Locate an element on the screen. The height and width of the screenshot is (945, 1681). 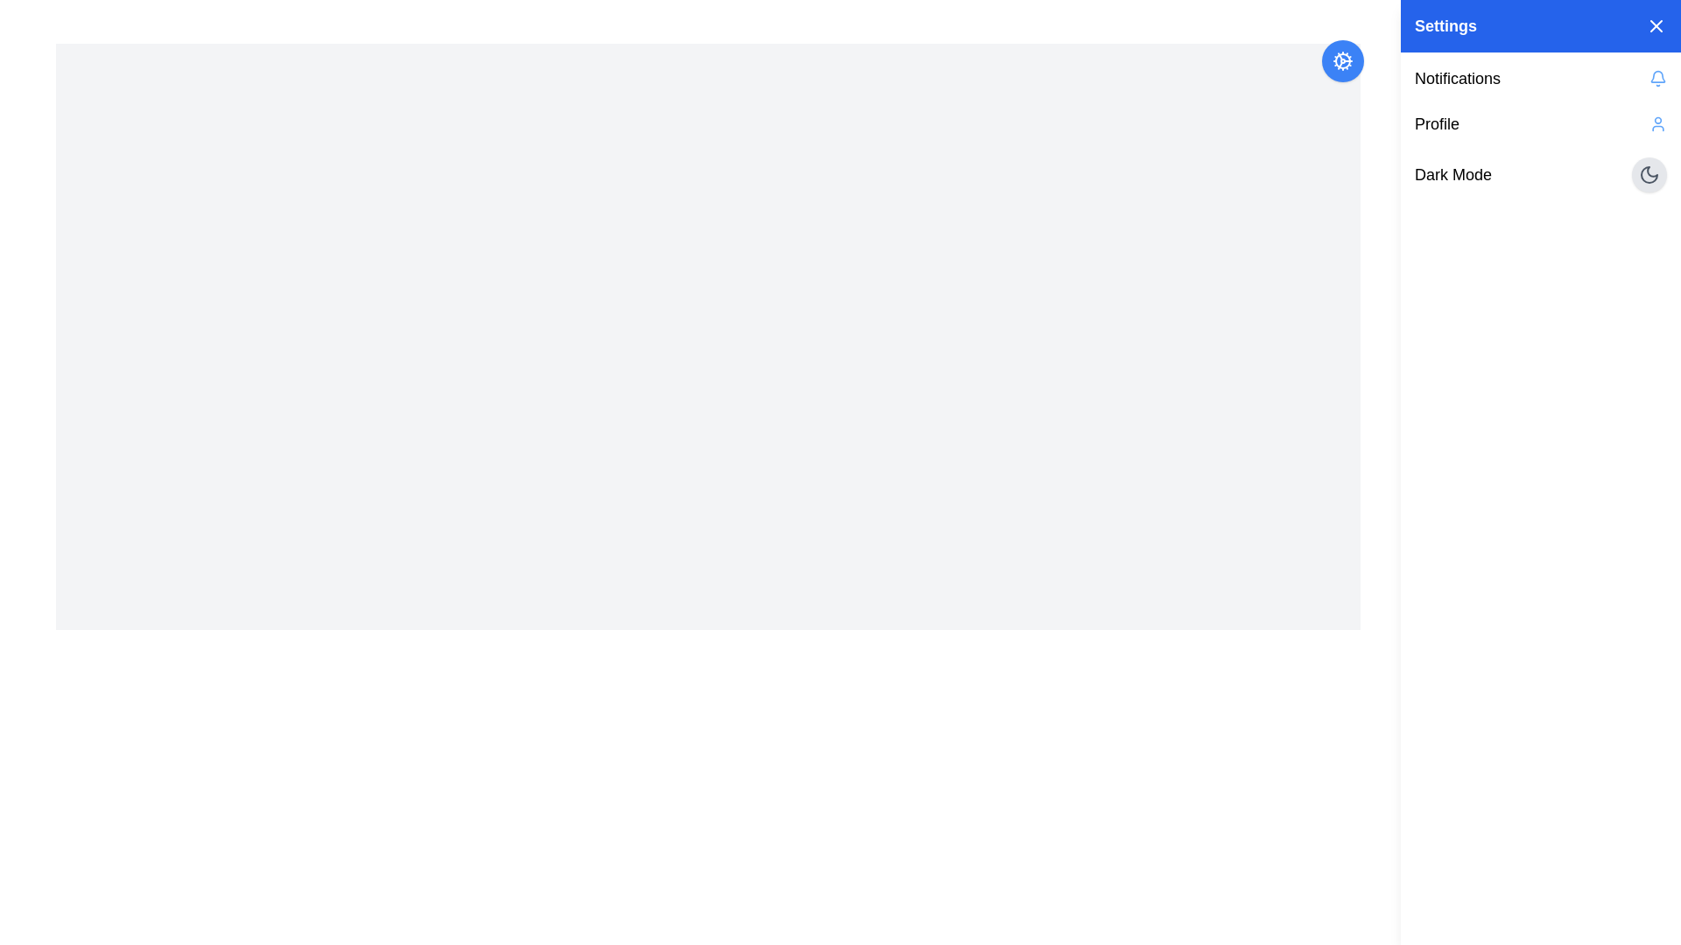
the blue notification bell icon located in the top-right area of the Settings panel, adjacent to the 'Notifications' text is located at coordinates (1657, 77).